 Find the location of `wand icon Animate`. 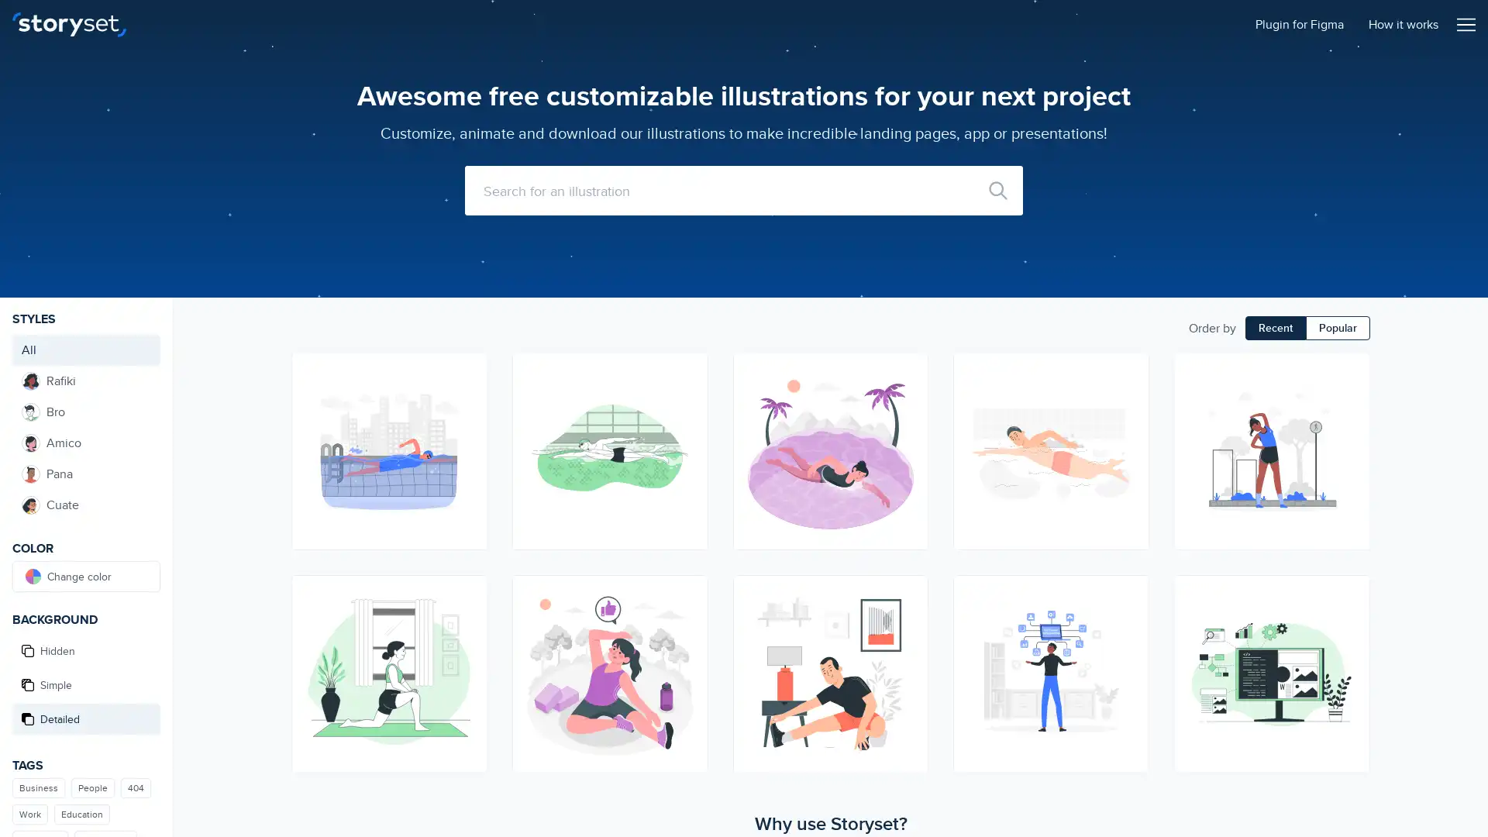

wand icon Animate is located at coordinates (687, 593).